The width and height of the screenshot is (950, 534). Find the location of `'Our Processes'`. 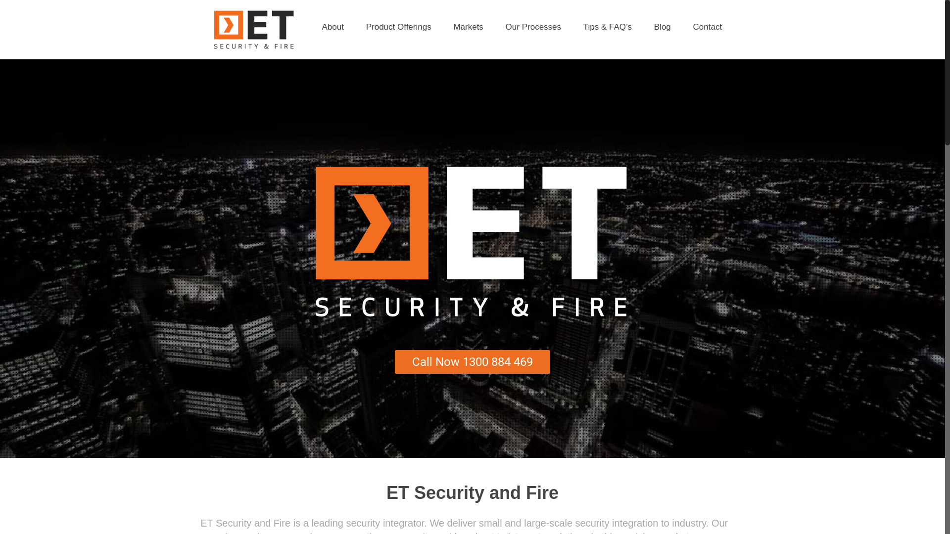

'Our Processes' is located at coordinates (533, 26).